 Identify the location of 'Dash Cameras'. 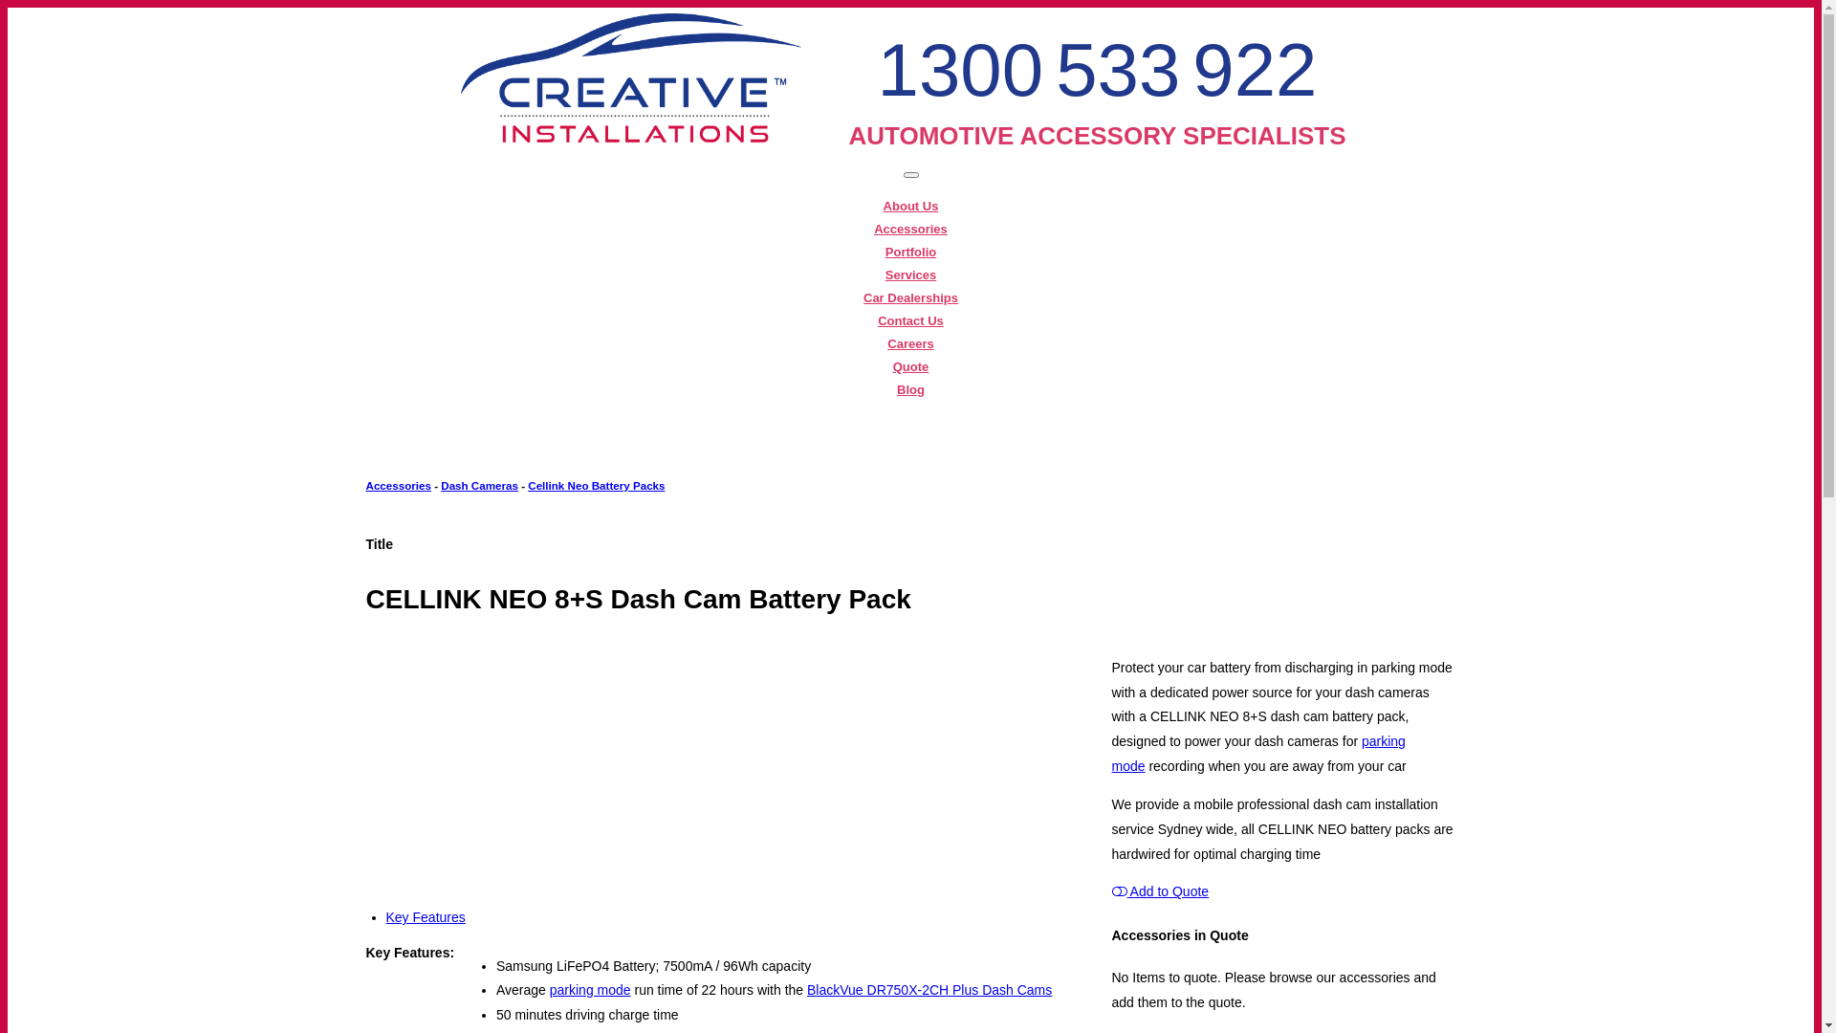
(439, 484).